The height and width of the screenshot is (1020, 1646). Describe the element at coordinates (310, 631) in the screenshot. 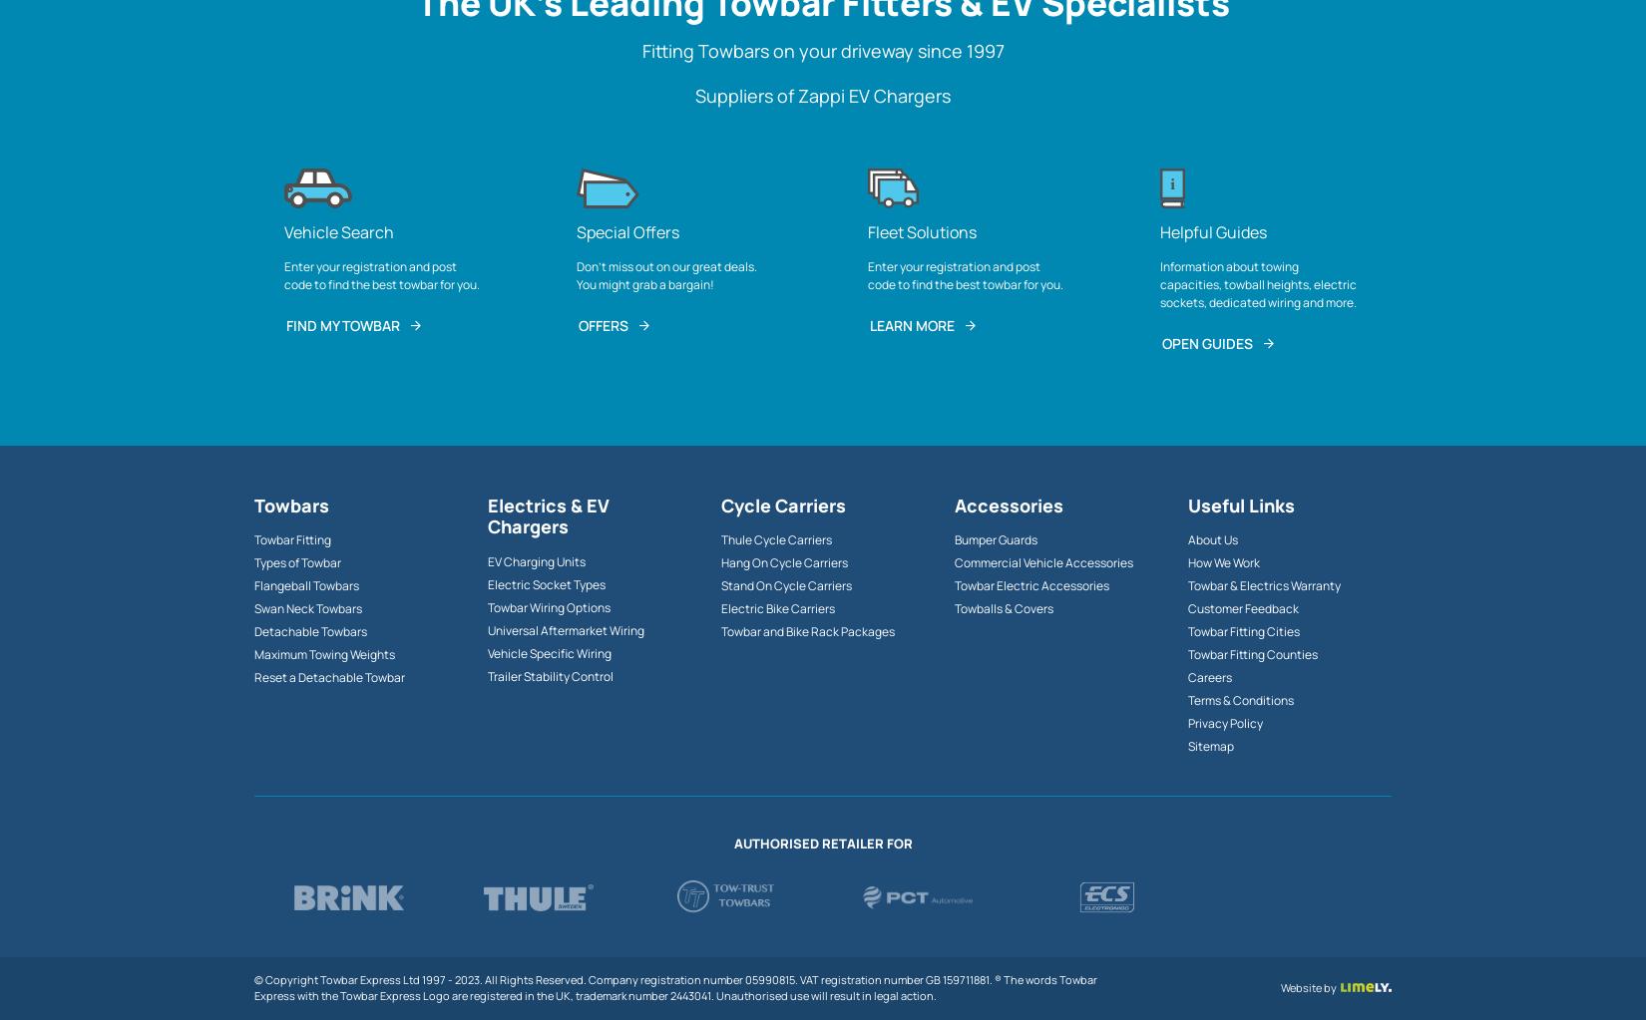

I see `'Detachable Towbars'` at that location.